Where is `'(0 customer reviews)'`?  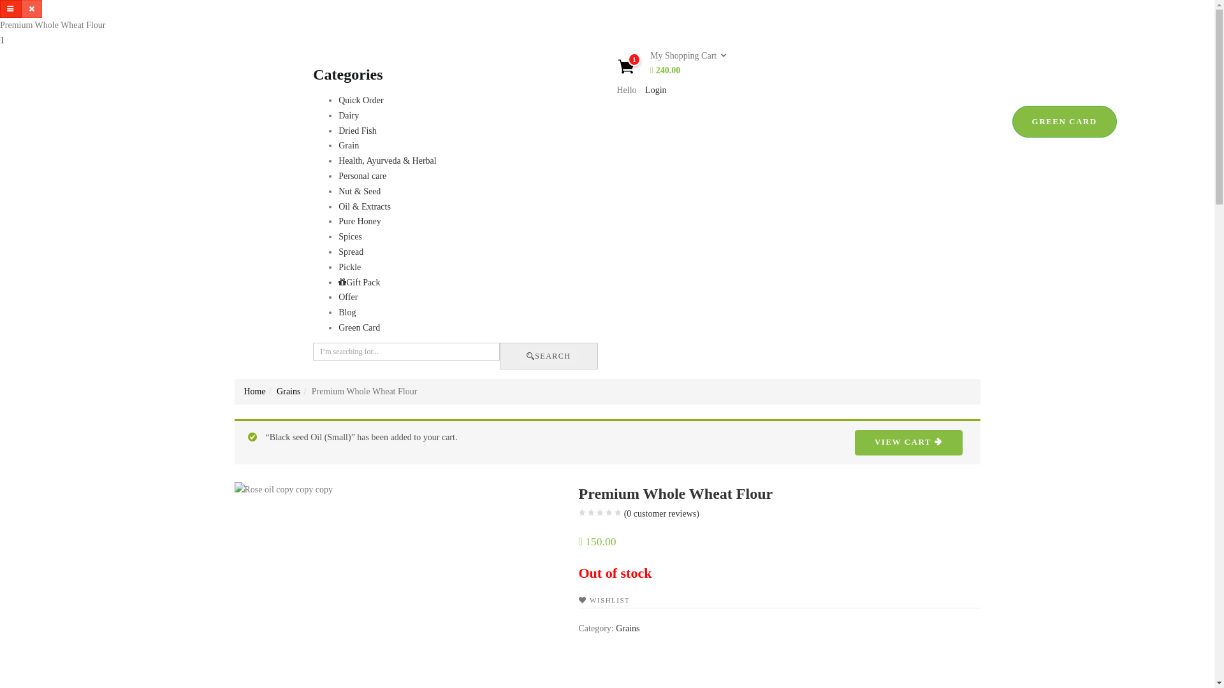
'(0 customer reviews)' is located at coordinates (661, 513).